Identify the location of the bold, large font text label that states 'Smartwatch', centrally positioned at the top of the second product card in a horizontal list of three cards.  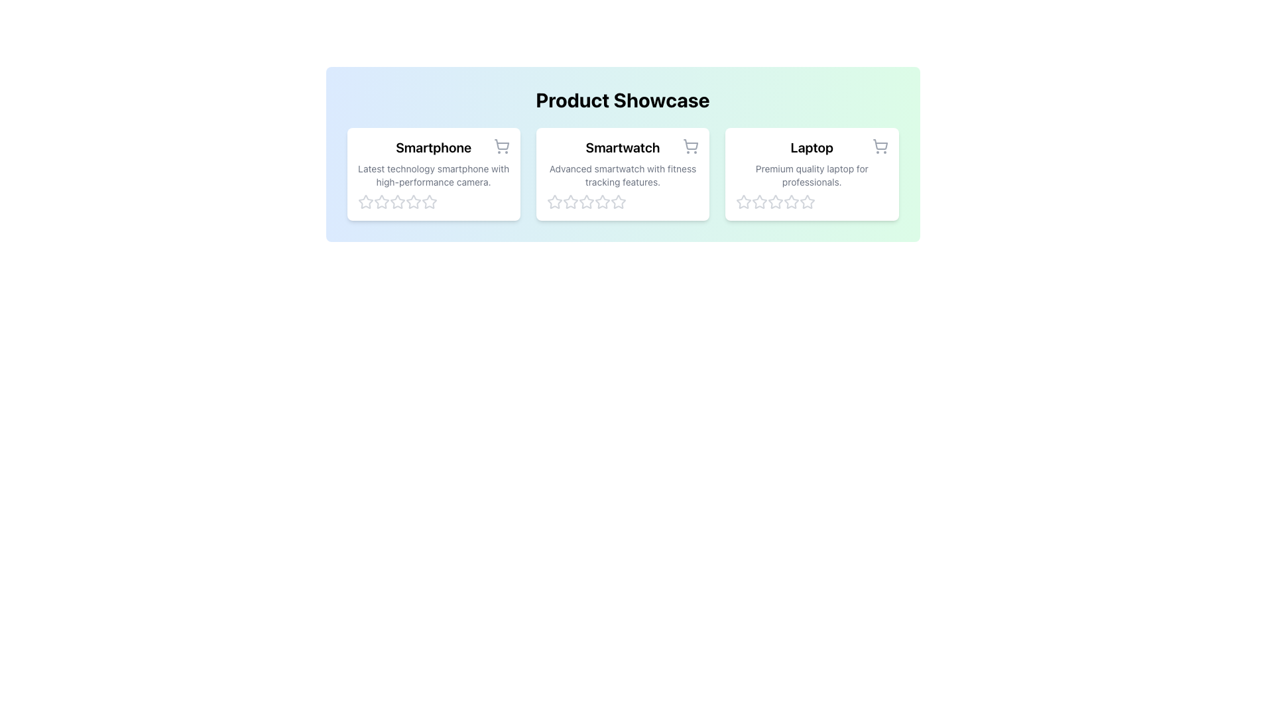
(622, 148).